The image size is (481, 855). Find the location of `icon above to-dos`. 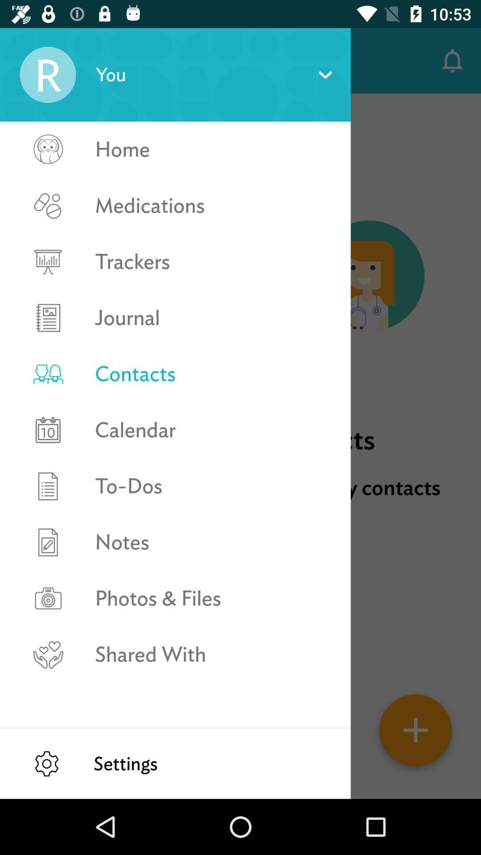

icon above to-dos is located at coordinates (213, 430).